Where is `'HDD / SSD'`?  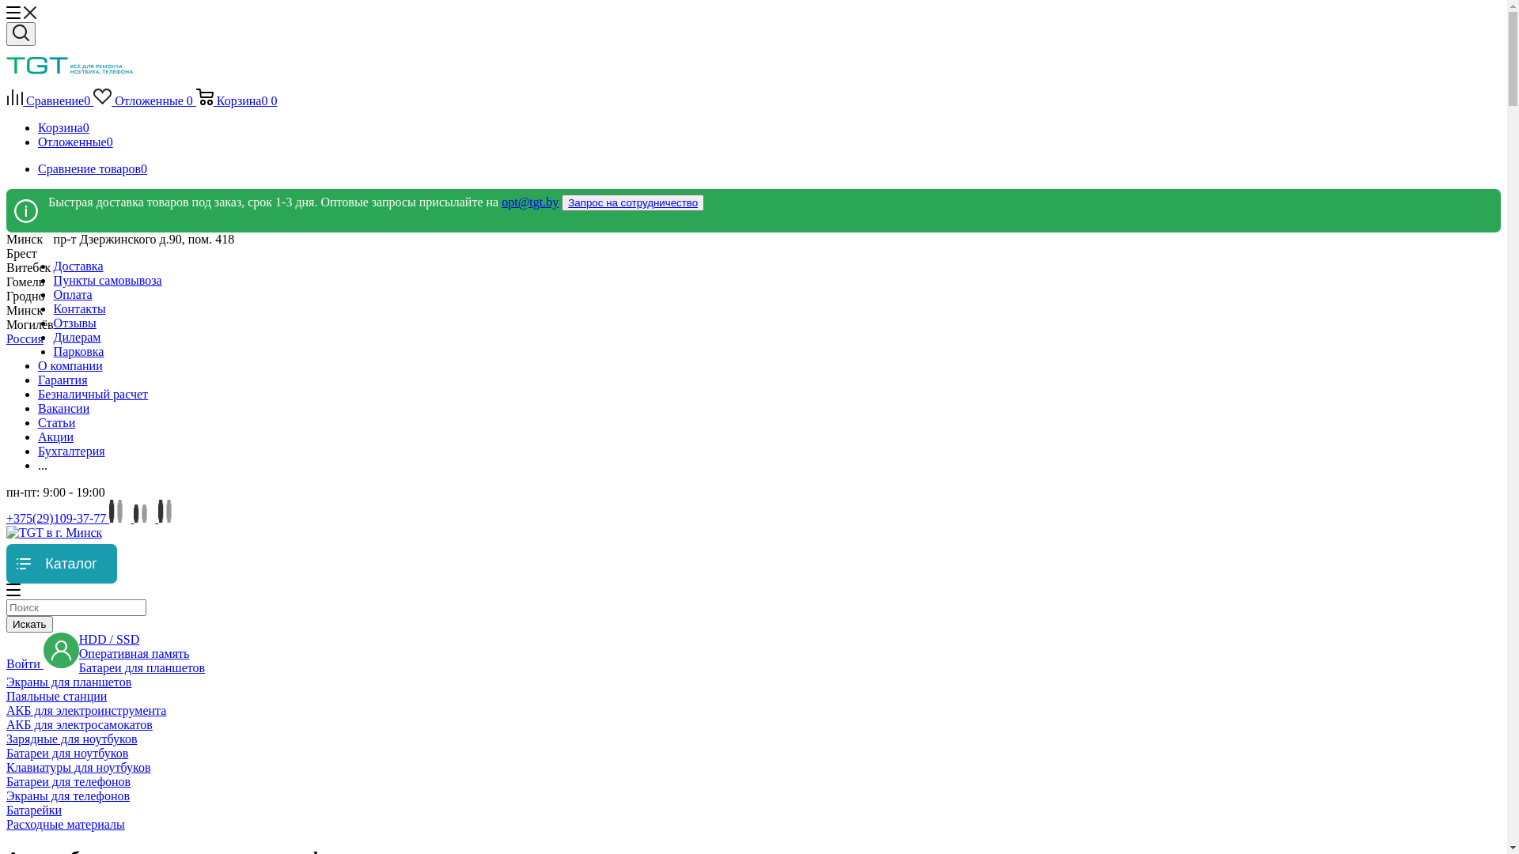
'HDD / SSD' is located at coordinates (108, 638).